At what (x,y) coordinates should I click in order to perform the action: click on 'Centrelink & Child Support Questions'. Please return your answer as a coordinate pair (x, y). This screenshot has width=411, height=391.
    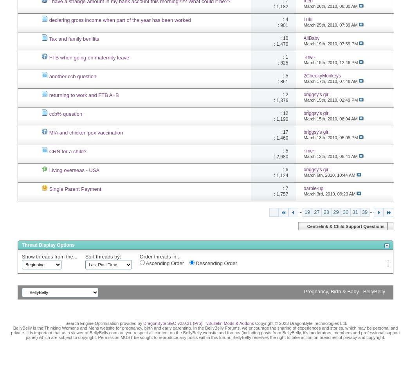
    Looking at the image, I should click on (345, 226).